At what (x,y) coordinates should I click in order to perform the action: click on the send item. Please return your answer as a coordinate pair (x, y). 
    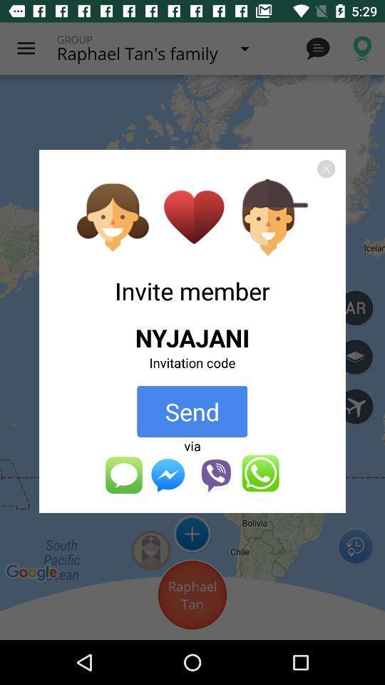
    Looking at the image, I should click on (192, 411).